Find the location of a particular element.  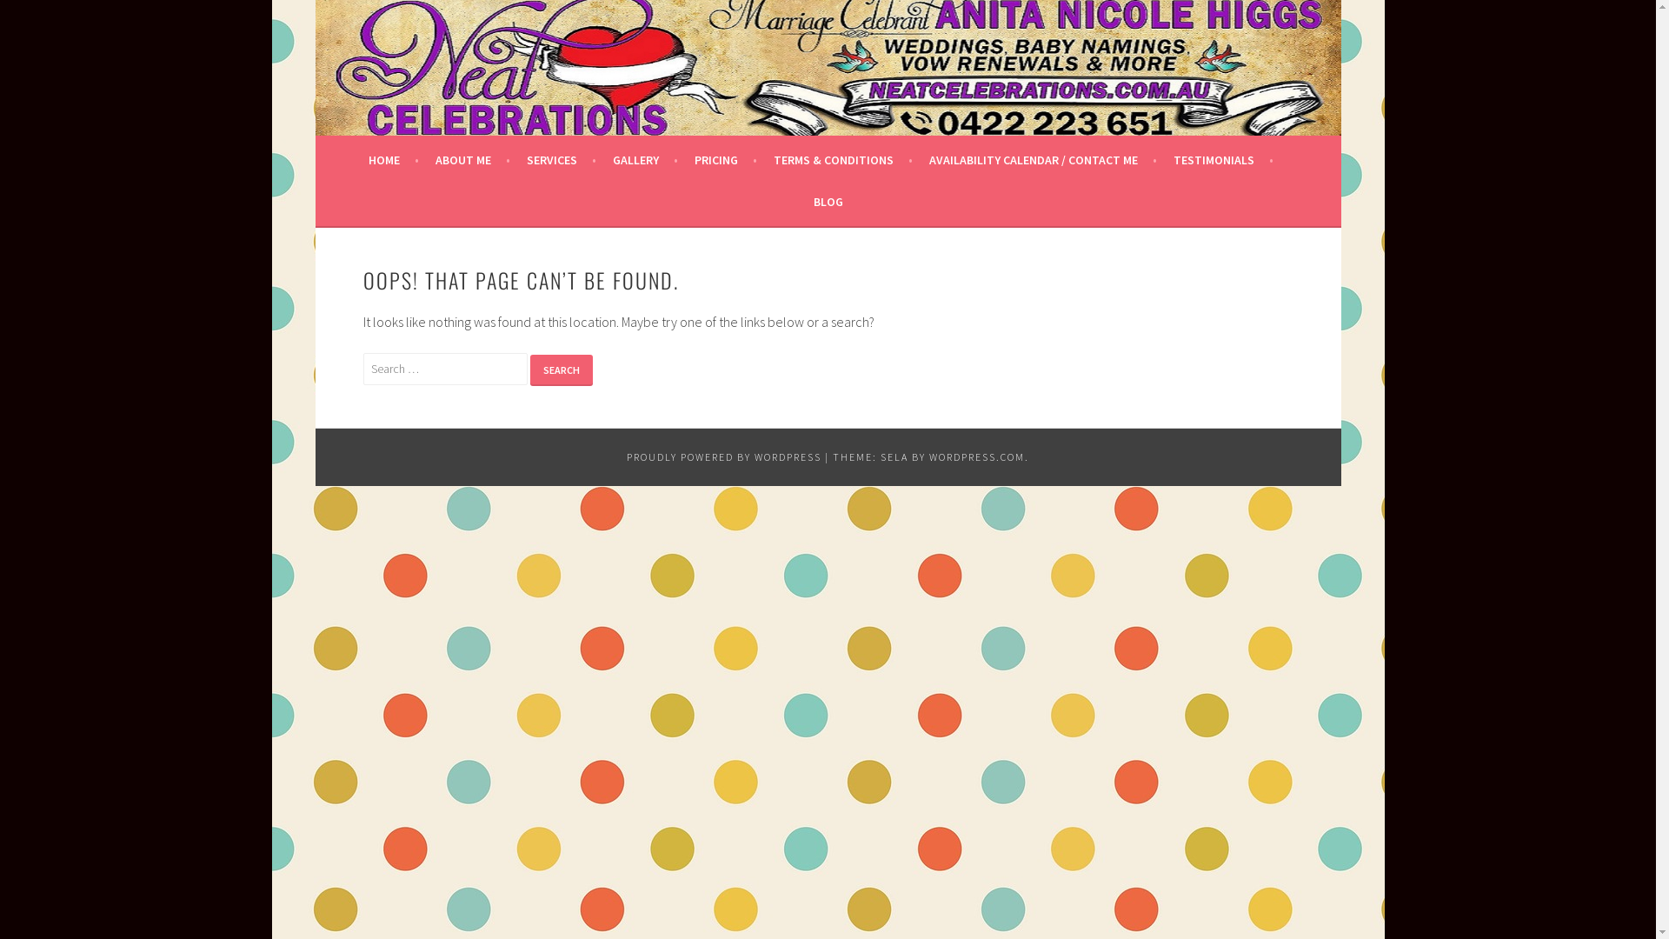

'SERVICES' is located at coordinates (562, 160).